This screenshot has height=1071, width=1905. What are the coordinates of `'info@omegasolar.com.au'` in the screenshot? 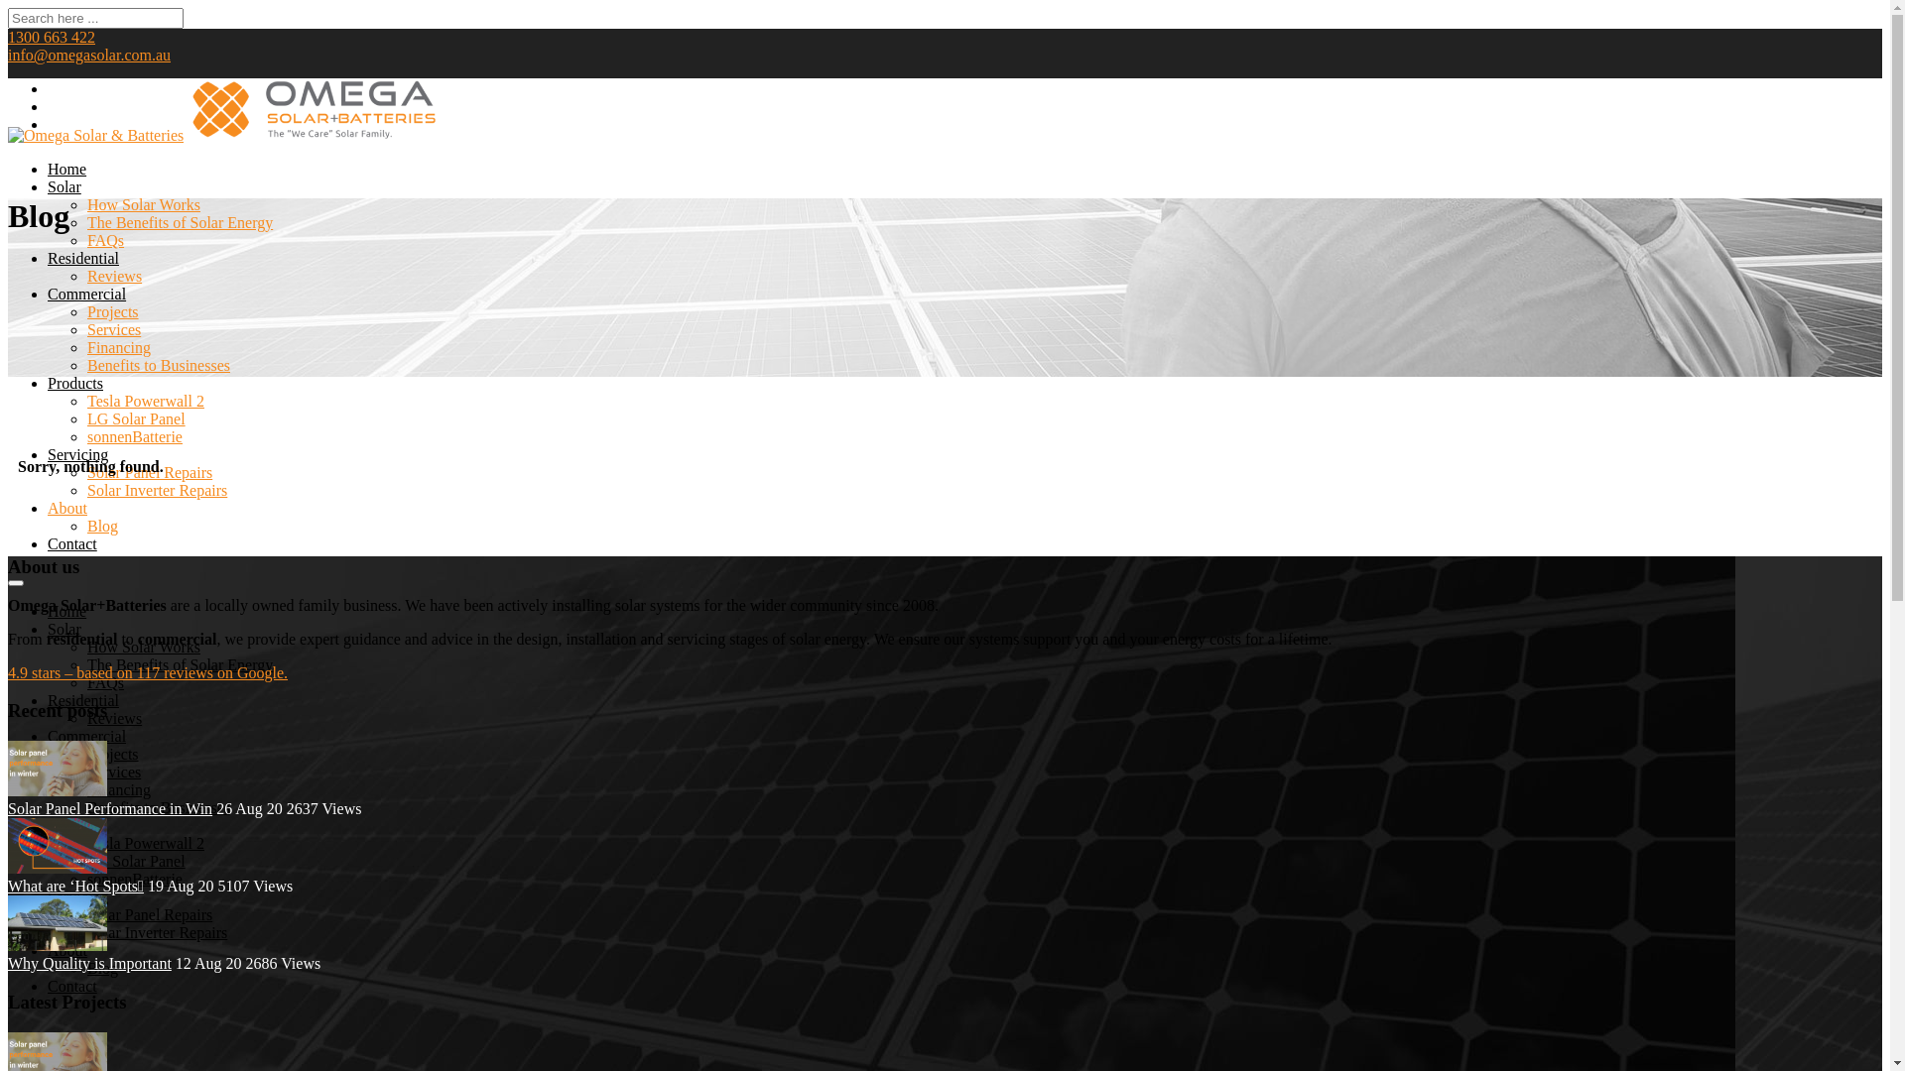 It's located at (88, 54).